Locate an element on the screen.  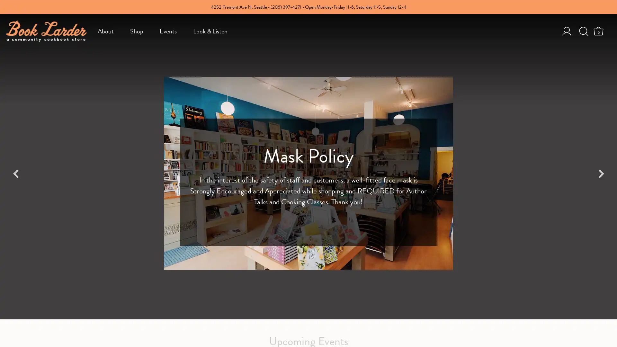
Next is located at coordinates (601, 173).